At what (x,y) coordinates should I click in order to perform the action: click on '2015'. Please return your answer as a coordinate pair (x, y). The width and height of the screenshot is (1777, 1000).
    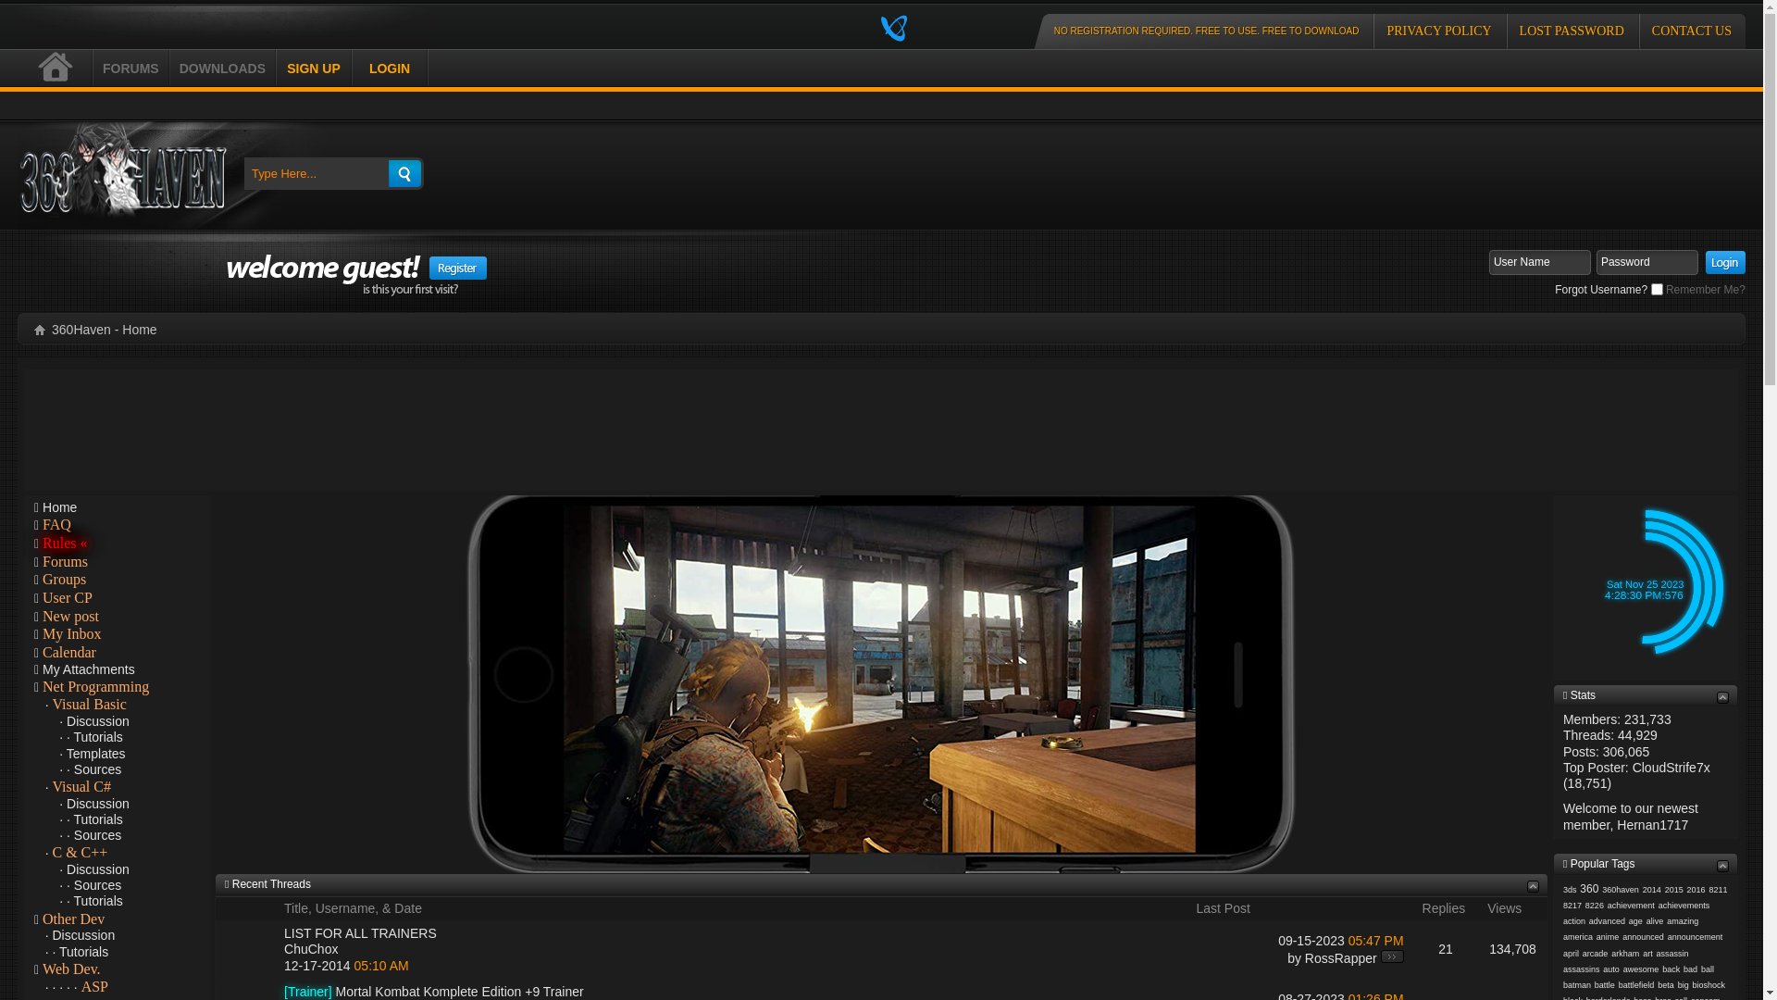
    Looking at the image, I should click on (1674, 888).